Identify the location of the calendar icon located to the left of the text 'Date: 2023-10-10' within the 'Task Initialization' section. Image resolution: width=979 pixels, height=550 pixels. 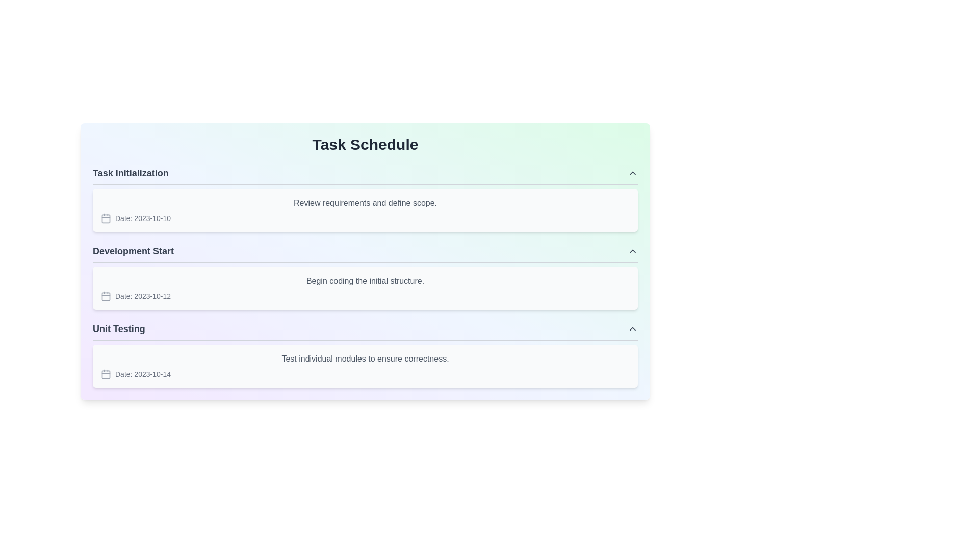
(106, 217).